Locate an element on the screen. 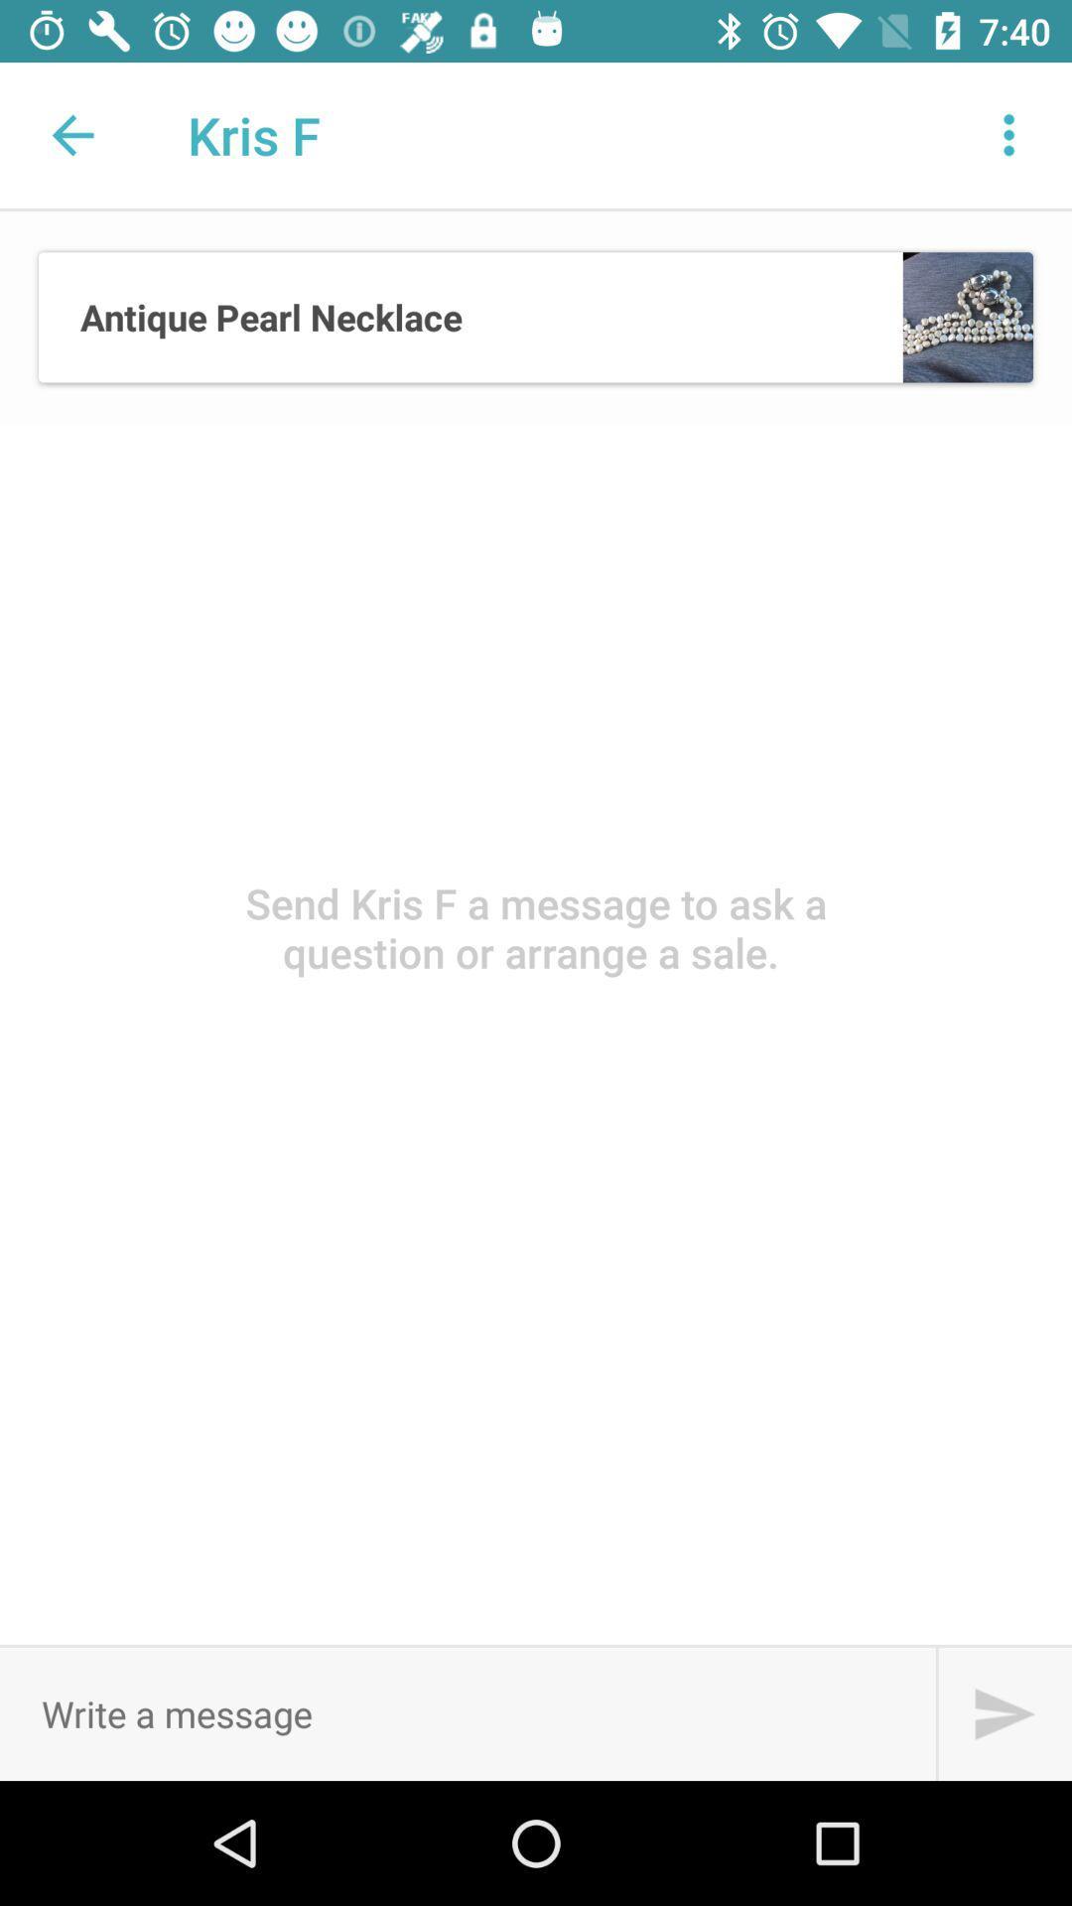 Image resolution: width=1072 pixels, height=1906 pixels. the icon next to the kris f app is located at coordinates (71, 134).